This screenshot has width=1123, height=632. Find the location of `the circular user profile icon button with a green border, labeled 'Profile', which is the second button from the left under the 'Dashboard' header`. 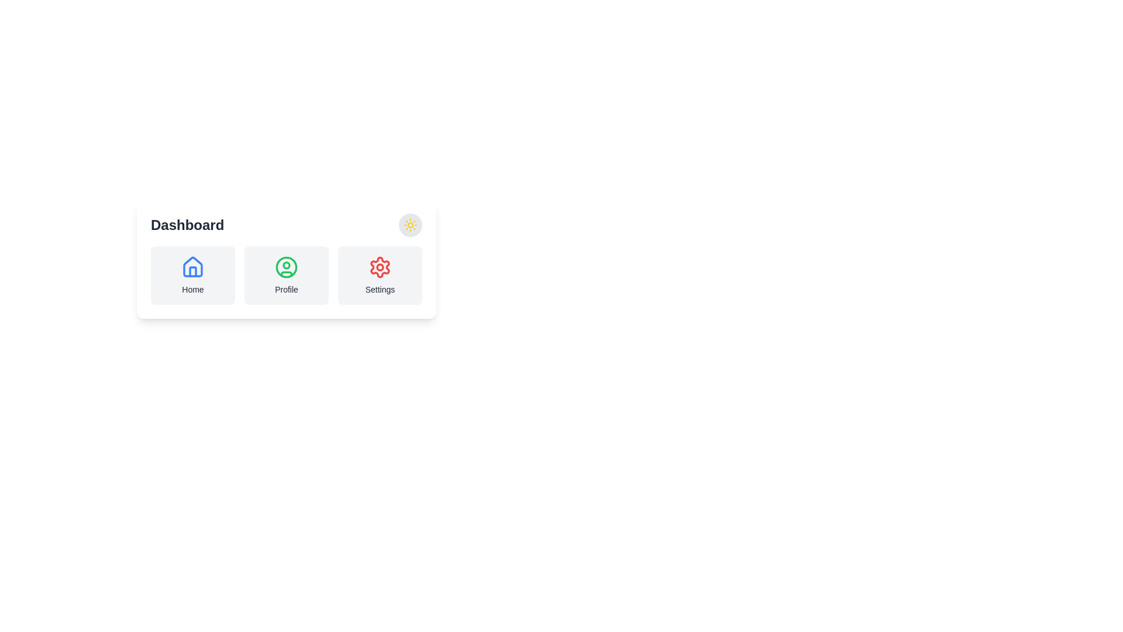

the circular user profile icon button with a green border, labeled 'Profile', which is the second button from the left under the 'Dashboard' header is located at coordinates (286, 267).